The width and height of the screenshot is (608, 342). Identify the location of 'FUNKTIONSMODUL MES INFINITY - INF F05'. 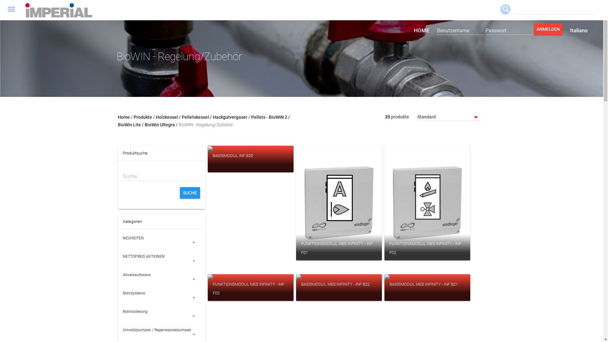
(250, 288).